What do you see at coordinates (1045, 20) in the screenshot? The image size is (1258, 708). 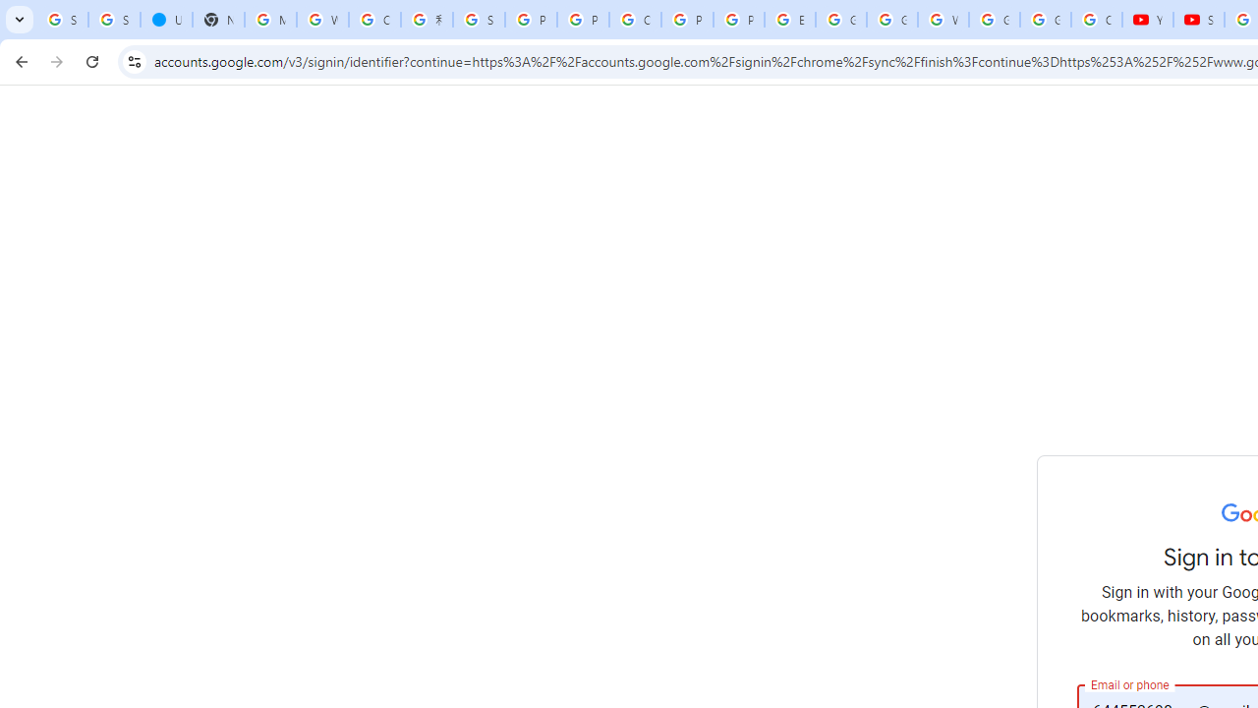 I see `'Google Account'` at bounding box center [1045, 20].